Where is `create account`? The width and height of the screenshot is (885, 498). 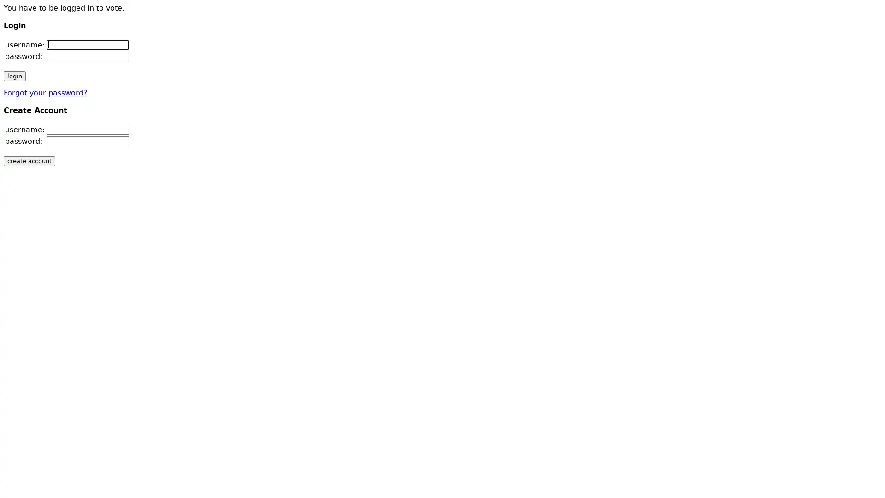 create account is located at coordinates (29, 160).